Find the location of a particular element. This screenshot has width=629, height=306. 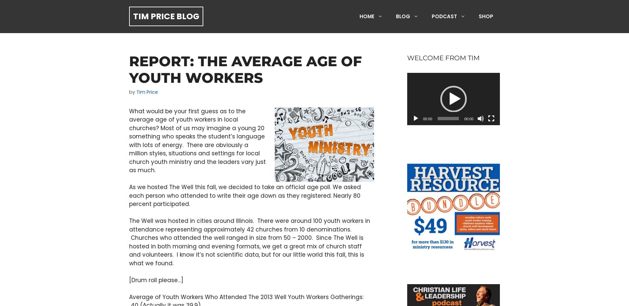

'Shop' is located at coordinates (486, 16).